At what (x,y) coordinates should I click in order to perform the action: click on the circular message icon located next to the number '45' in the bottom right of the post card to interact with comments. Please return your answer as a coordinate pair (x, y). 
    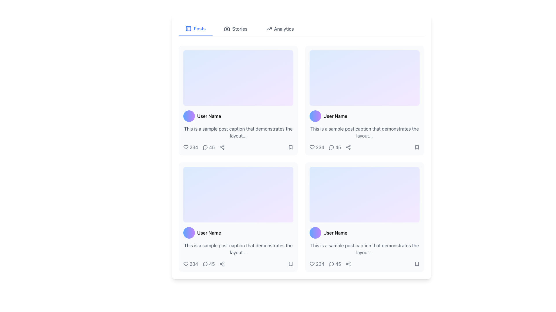
    Looking at the image, I should click on (332, 147).